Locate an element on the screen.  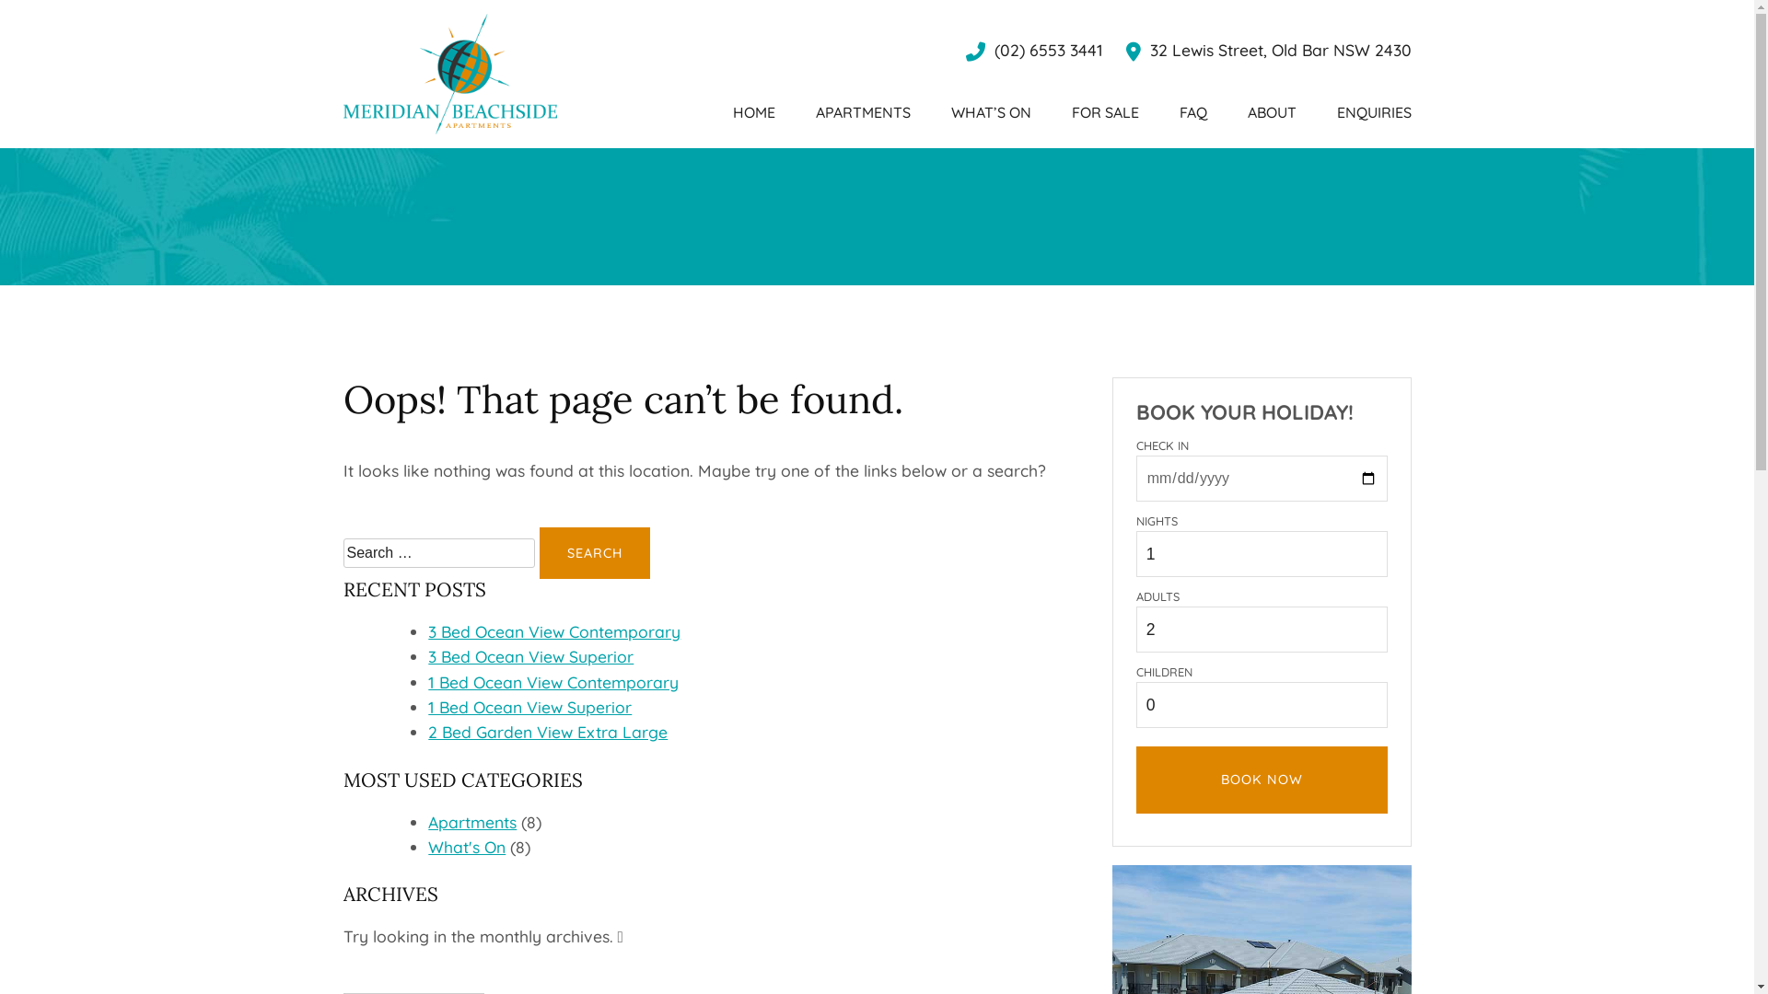
'Search' is located at coordinates (595, 552).